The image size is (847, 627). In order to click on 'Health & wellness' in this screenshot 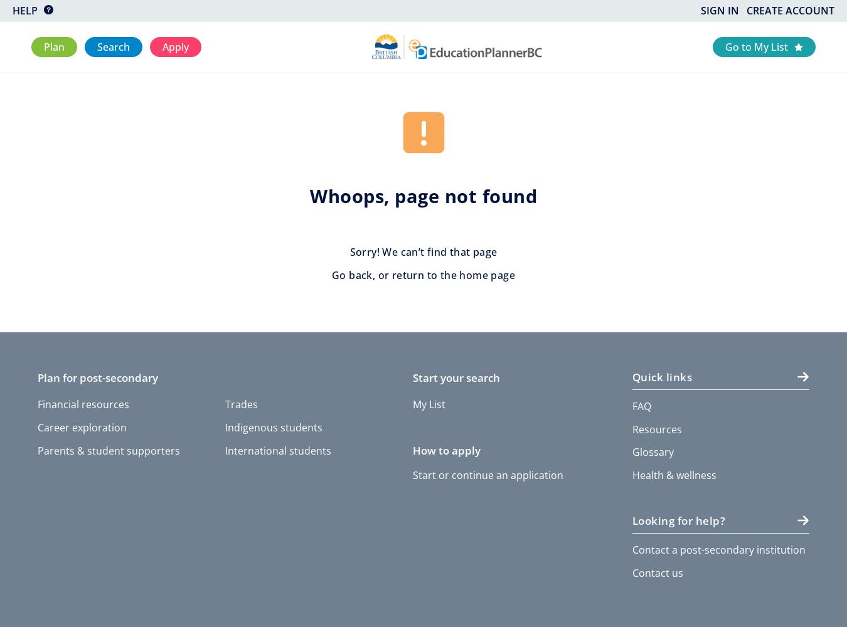, I will do `click(674, 475)`.